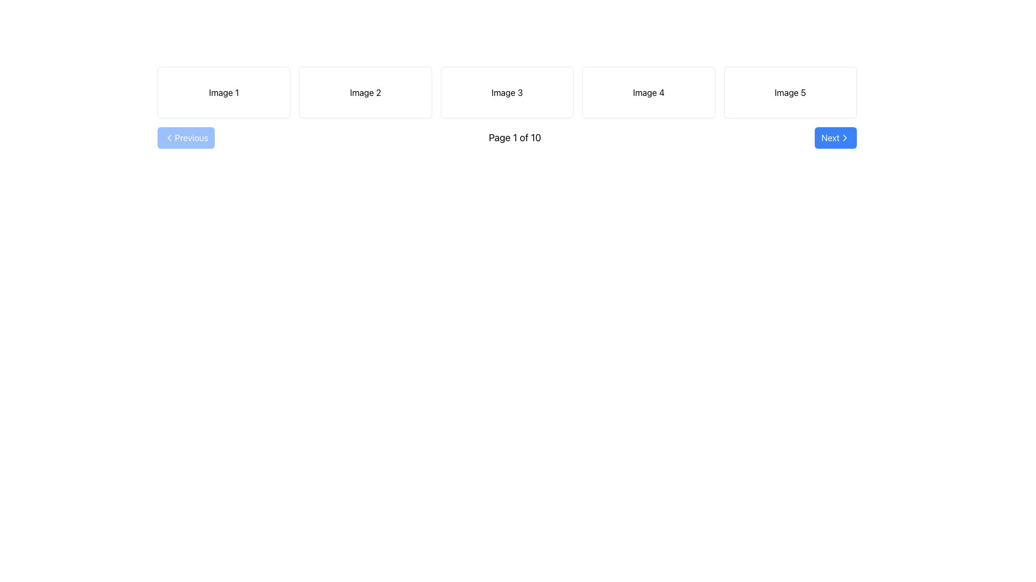  What do you see at coordinates (168, 137) in the screenshot?
I see `the left-pointing chevron icon within the 'Previous' button located at the bottom-left area of the interface` at bounding box center [168, 137].